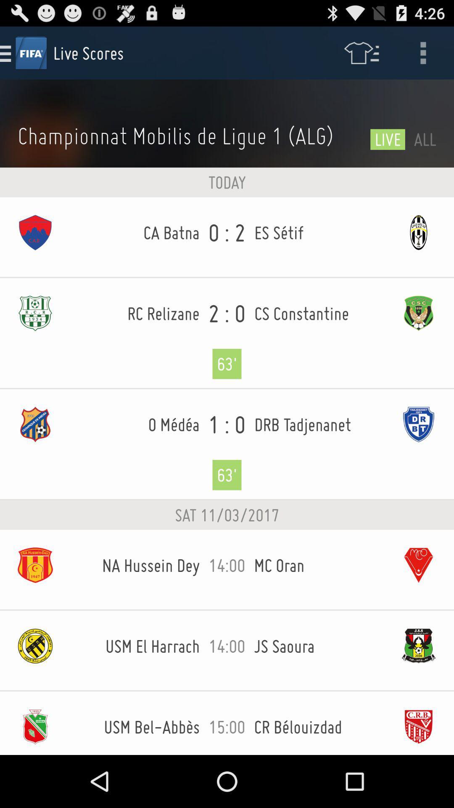 The image size is (454, 808). What do you see at coordinates (425, 139) in the screenshot?
I see `item to the right of live icon` at bounding box center [425, 139].